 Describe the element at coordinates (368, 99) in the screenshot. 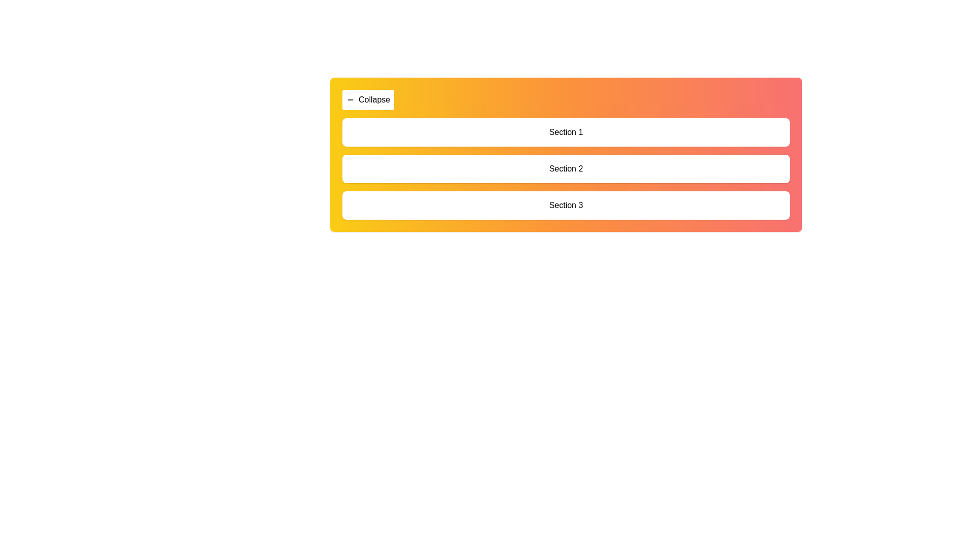

I see `the button with rounded edges, white background, black text, and a minus icon labeled 'Collapse'` at that location.